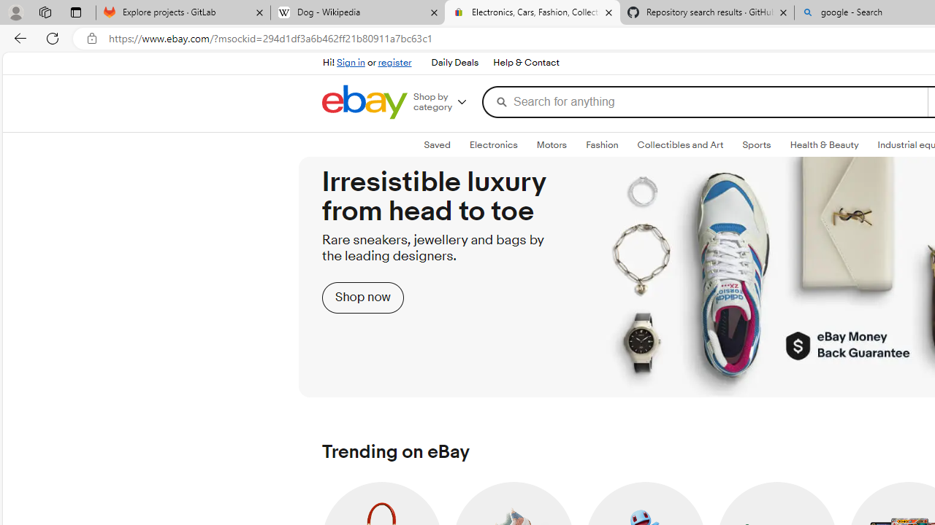  What do you see at coordinates (358, 12) in the screenshot?
I see `'Dog - Wikipedia'` at bounding box center [358, 12].